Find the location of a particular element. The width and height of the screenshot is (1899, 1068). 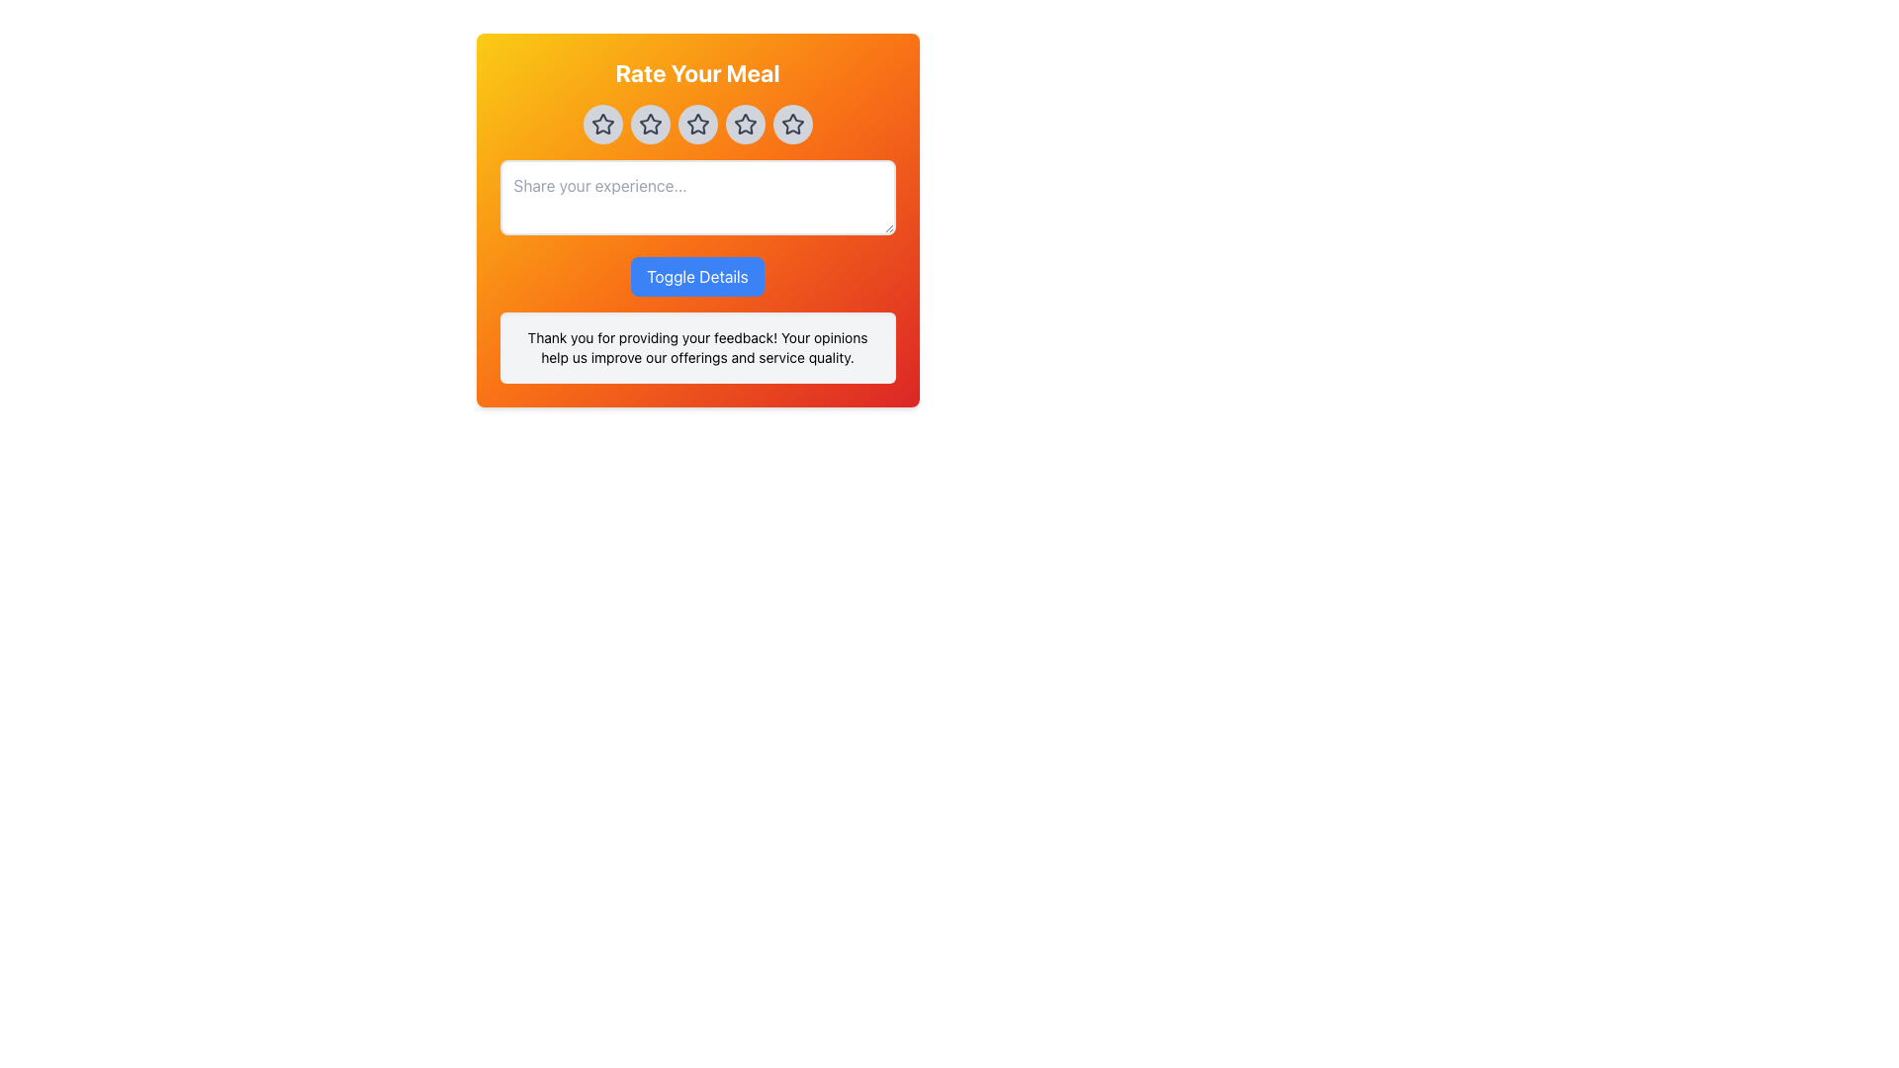

the fourth star button in the star rating sequence is located at coordinates (744, 125).